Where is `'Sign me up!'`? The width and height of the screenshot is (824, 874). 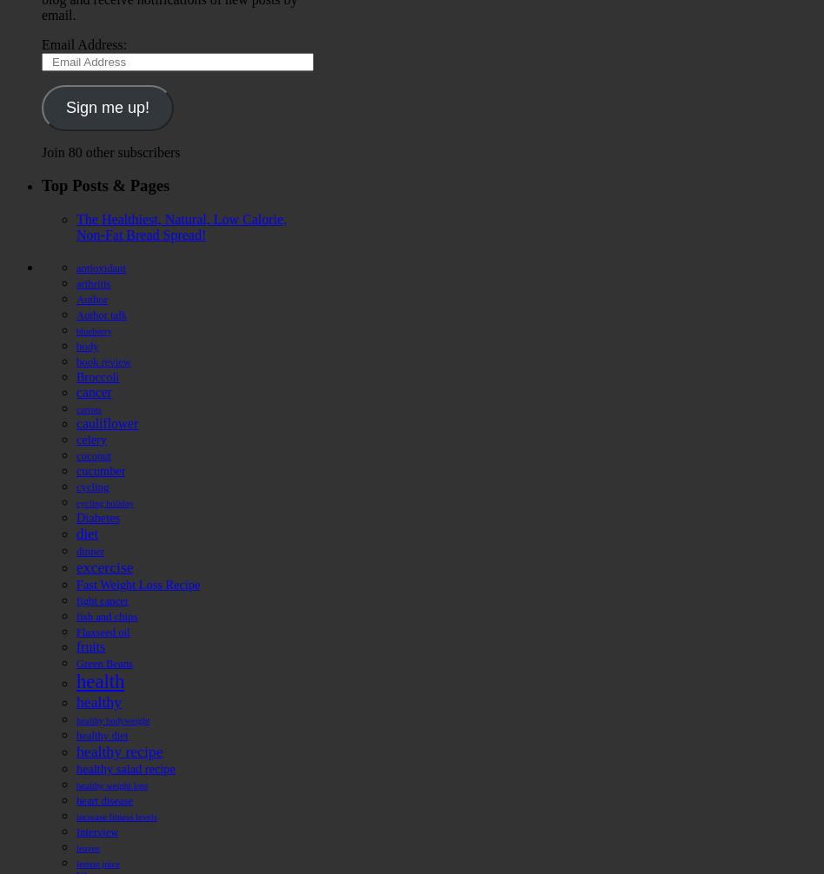 'Sign me up!' is located at coordinates (106, 107).